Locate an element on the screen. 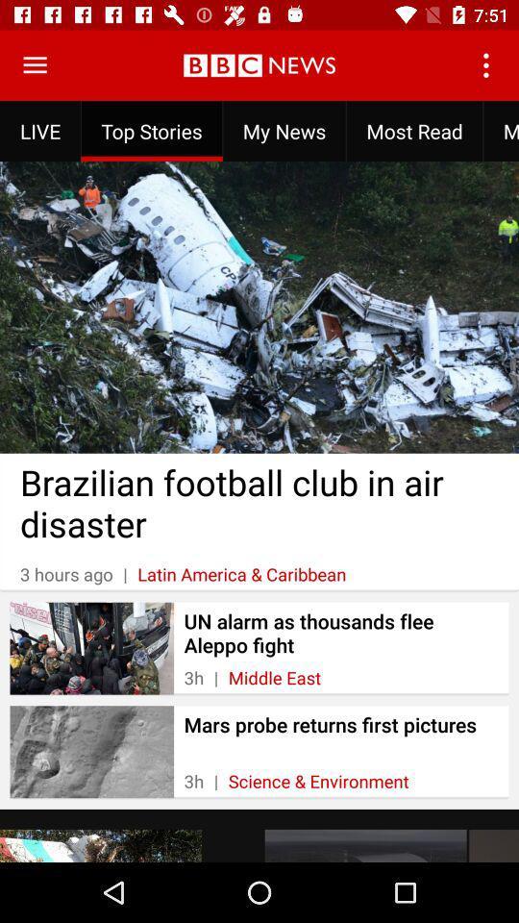  item next to the | icon is located at coordinates (273, 678).